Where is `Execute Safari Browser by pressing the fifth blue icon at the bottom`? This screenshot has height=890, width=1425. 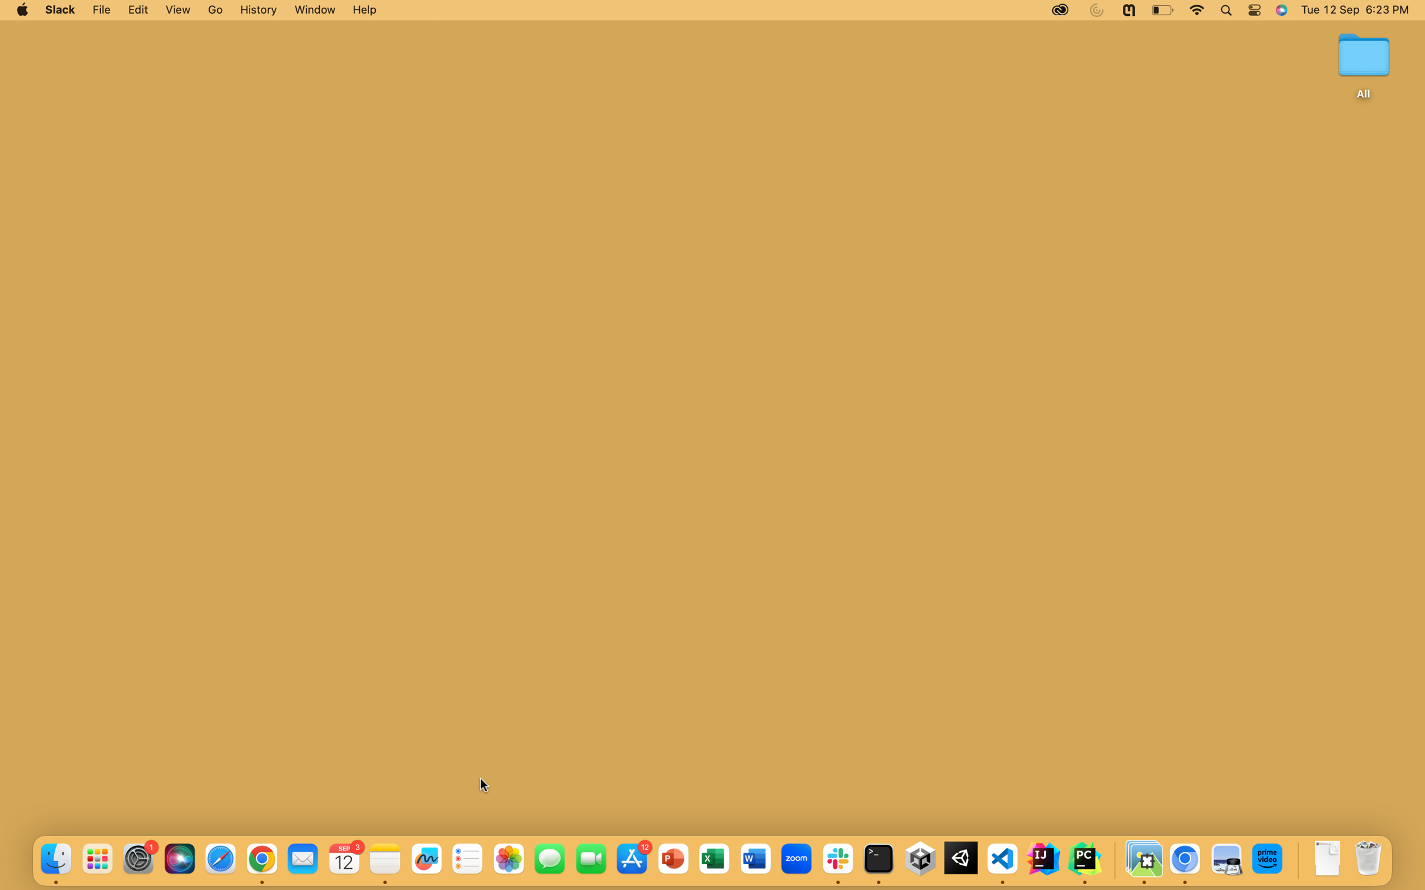
Execute Safari Browser by pressing the fifth blue icon at the bottom is located at coordinates (220, 859).